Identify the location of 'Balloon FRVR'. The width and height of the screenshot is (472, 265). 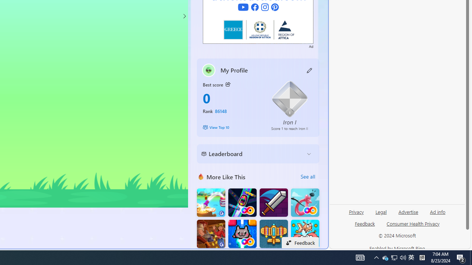
(305, 202).